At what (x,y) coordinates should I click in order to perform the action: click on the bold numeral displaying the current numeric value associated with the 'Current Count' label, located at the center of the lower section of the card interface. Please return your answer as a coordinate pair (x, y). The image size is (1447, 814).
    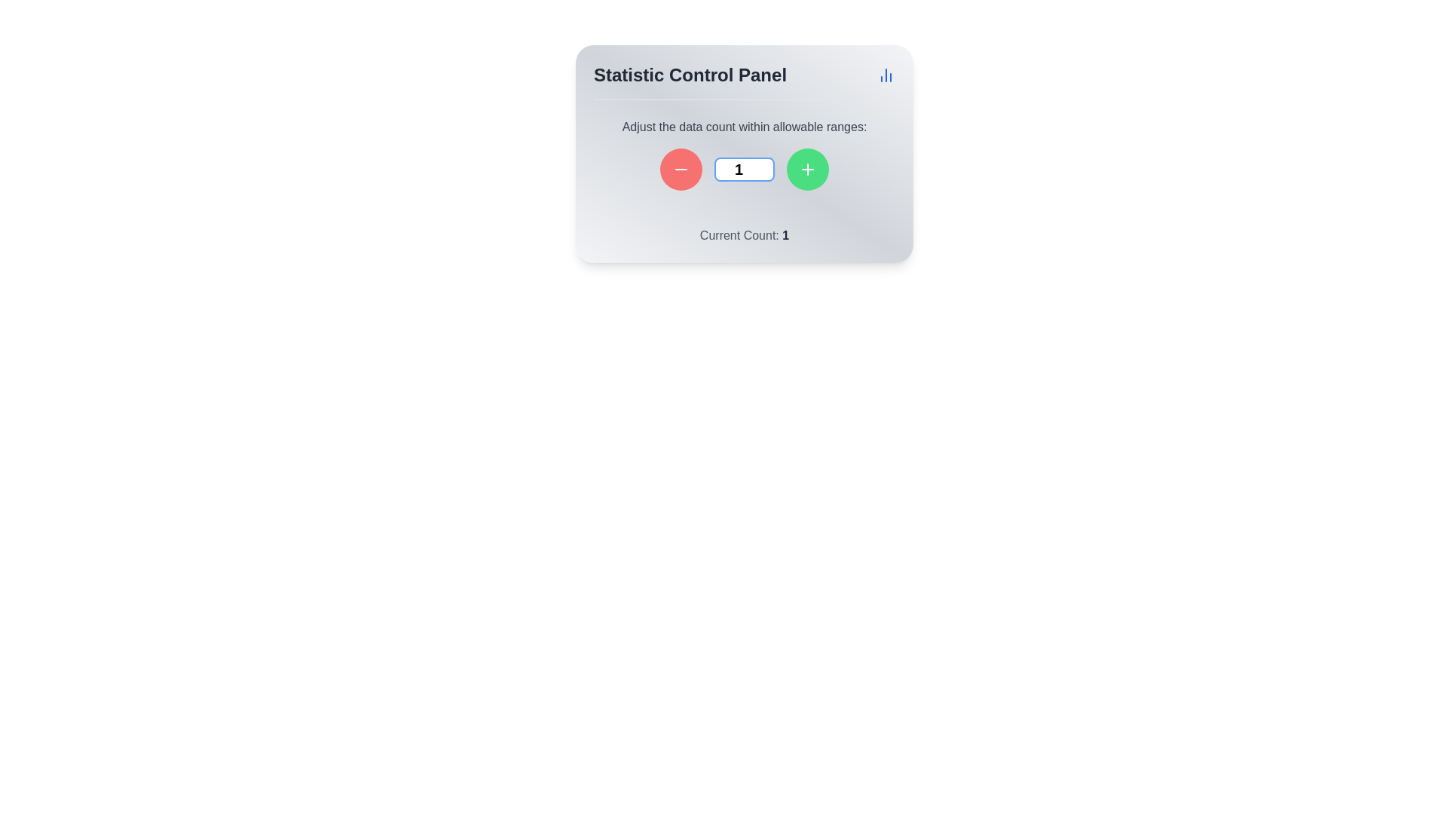
    Looking at the image, I should click on (785, 235).